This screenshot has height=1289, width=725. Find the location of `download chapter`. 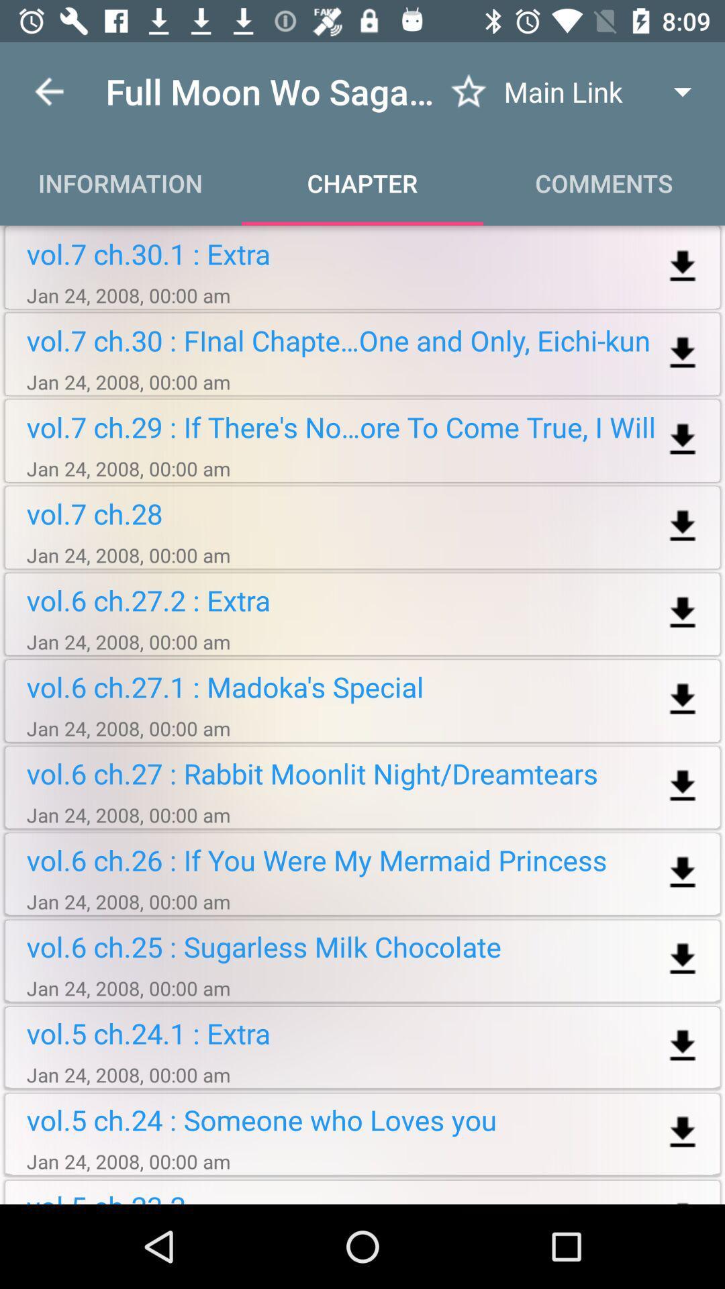

download chapter is located at coordinates (683, 959).